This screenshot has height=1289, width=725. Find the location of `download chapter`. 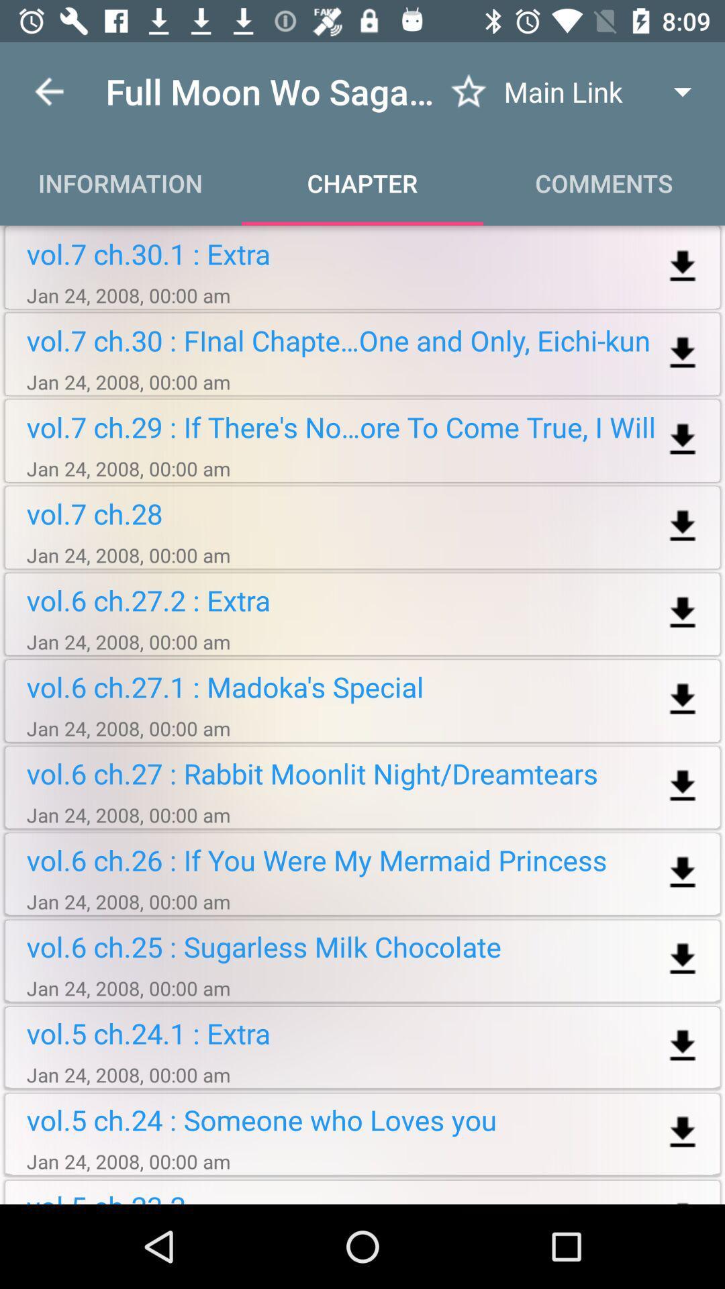

download chapter is located at coordinates (683, 959).